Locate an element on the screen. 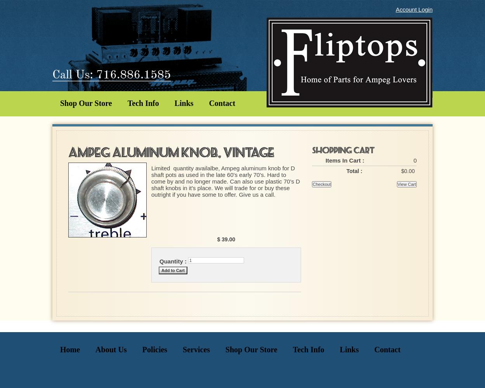 This screenshot has height=388, width=485. 'Limited  quantity availalbe, Ampeg aluminum knob for D shaft pots as used in the late 60's early 70's. Hard to come by and no longer made. Can also use plastic 70's D shaft knobs in it's place. We will trade for or buy these outright if you have some to offer. Give us a call.' is located at coordinates (225, 181).